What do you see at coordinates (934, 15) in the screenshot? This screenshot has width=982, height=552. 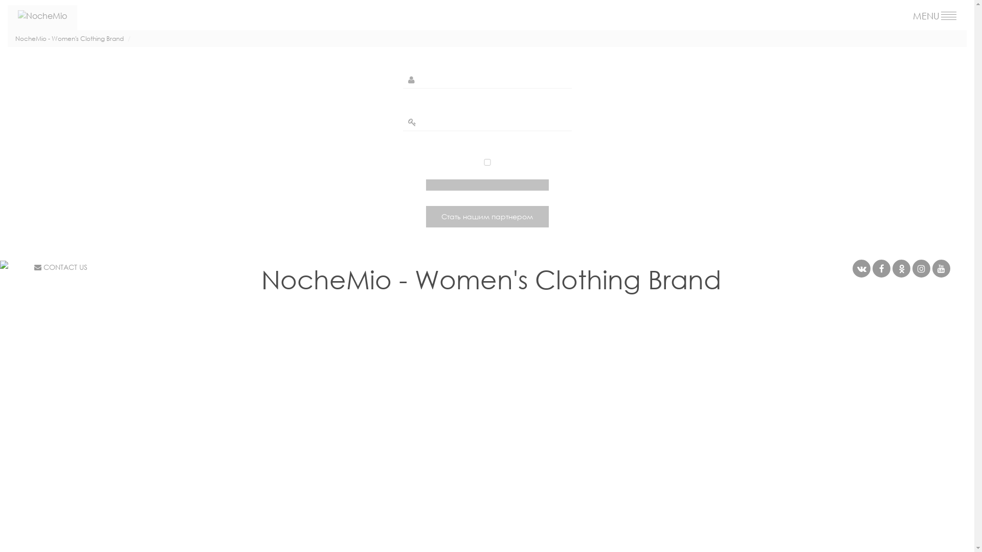 I see `'MENU'` at bounding box center [934, 15].